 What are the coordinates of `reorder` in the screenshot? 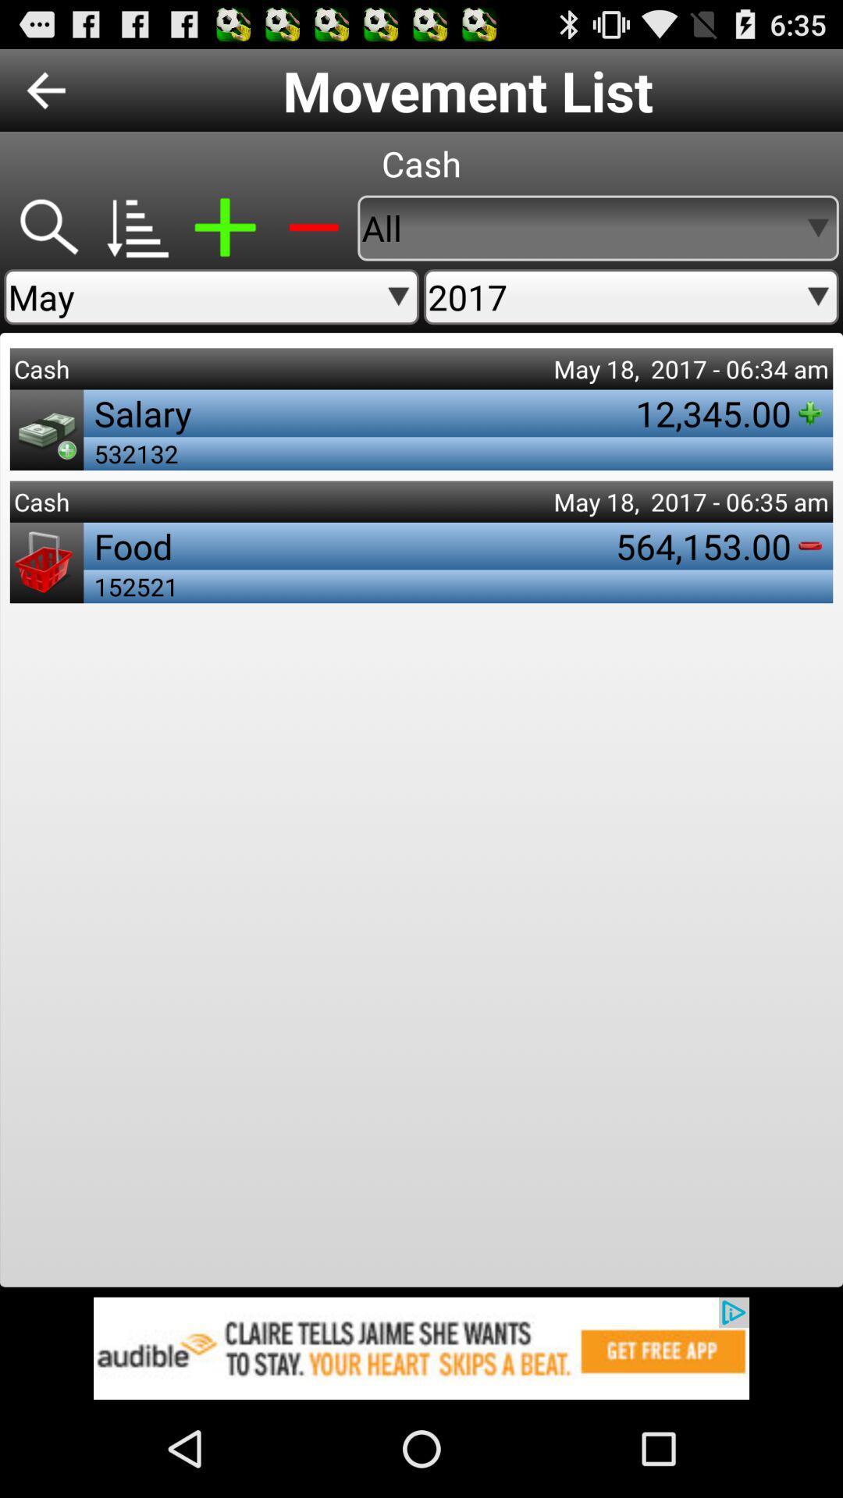 It's located at (136, 227).